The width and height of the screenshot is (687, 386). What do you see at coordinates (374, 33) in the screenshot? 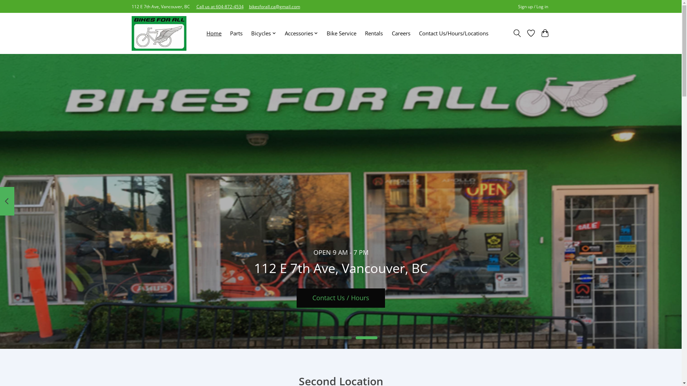
I see `'Rentals'` at bounding box center [374, 33].